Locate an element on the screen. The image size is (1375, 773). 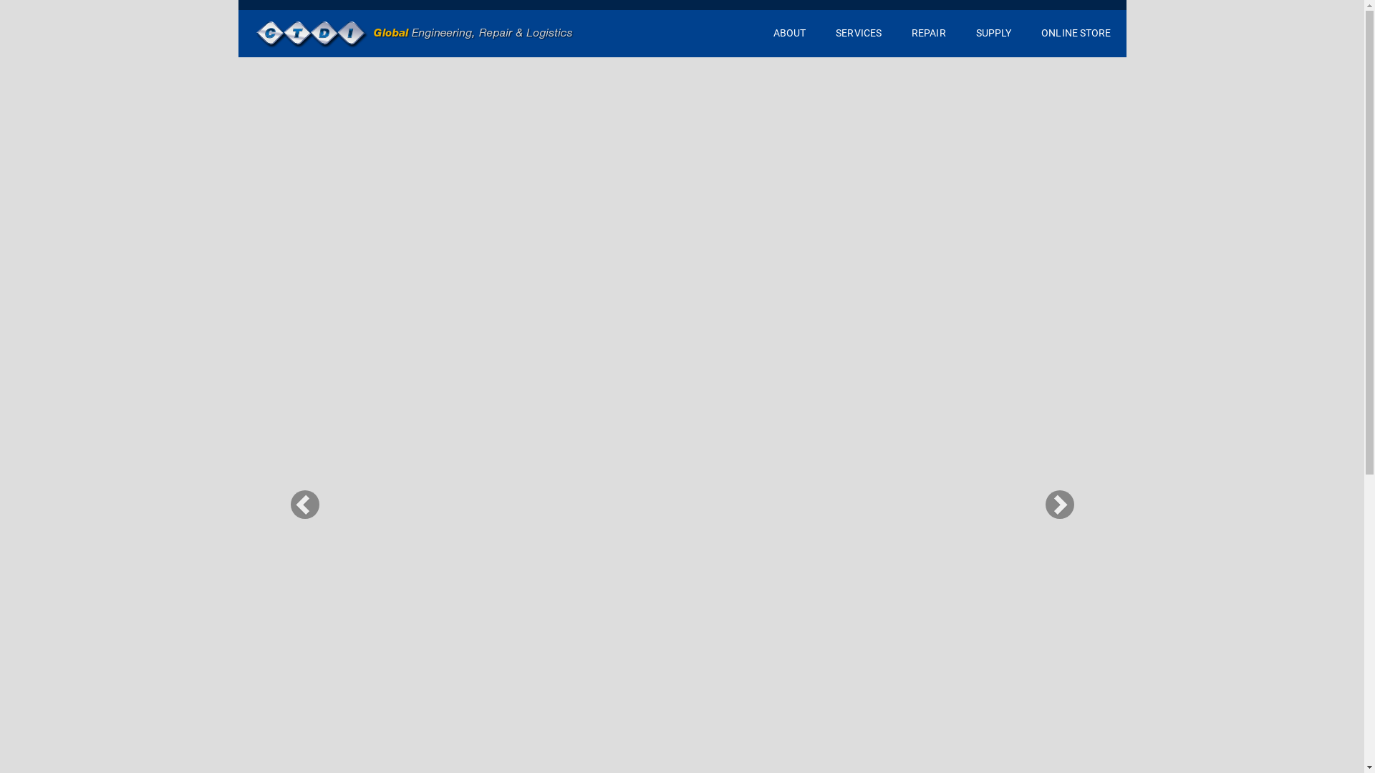
'  ' is located at coordinates (414, 32).